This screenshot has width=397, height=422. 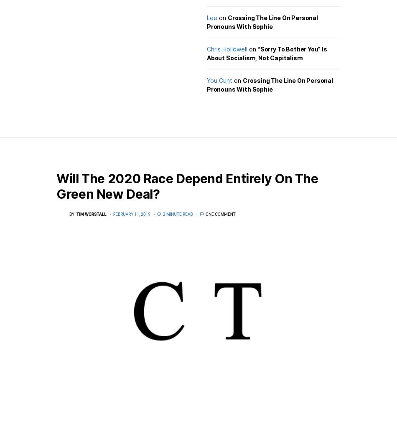 What do you see at coordinates (212, 17) in the screenshot?
I see `'Lee'` at bounding box center [212, 17].